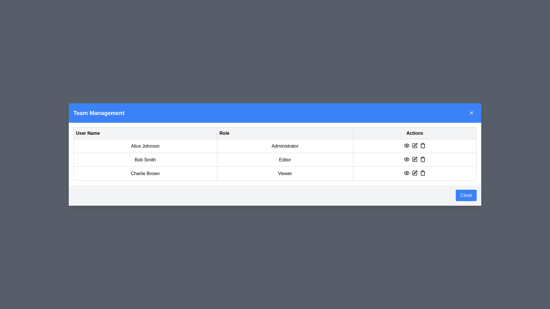 Image resolution: width=550 pixels, height=309 pixels. What do you see at coordinates (285, 160) in the screenshot?
I see `the text label displaying 'Editor' in the 'Role' column of the table, located in the second row associated with 'Bob Smith'` at bounding box center [285, 160].